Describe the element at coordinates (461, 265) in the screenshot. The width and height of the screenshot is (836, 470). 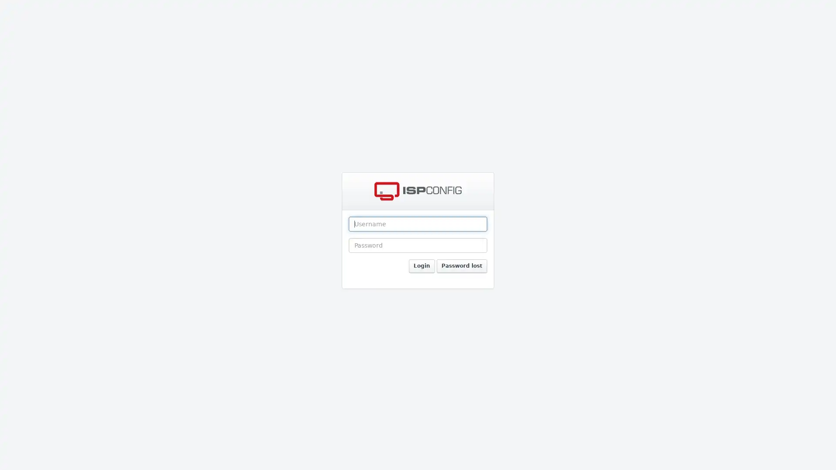
I see `Password lost` at that location.